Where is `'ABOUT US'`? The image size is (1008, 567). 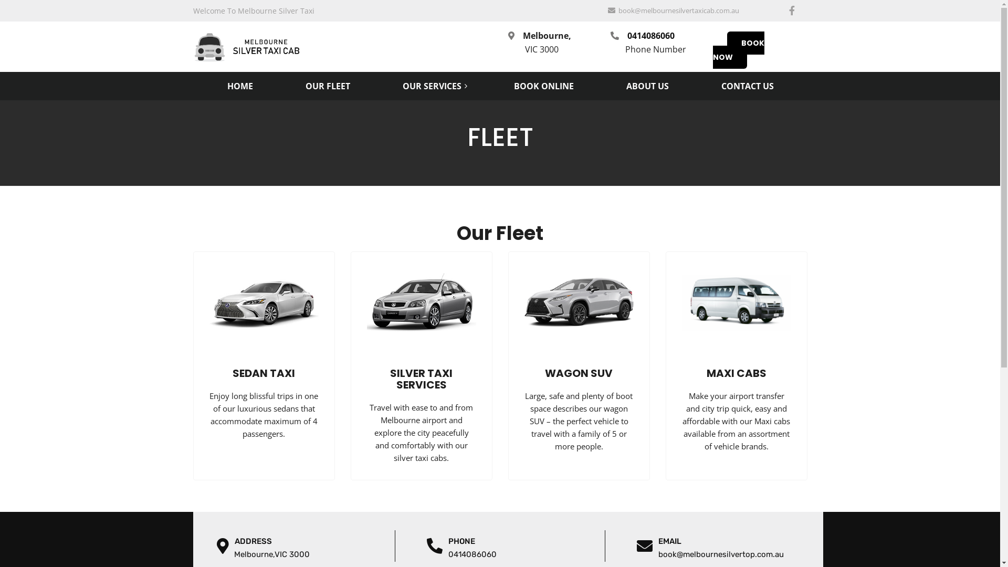 'ABOUT US' is located at coordinates (647, 84).